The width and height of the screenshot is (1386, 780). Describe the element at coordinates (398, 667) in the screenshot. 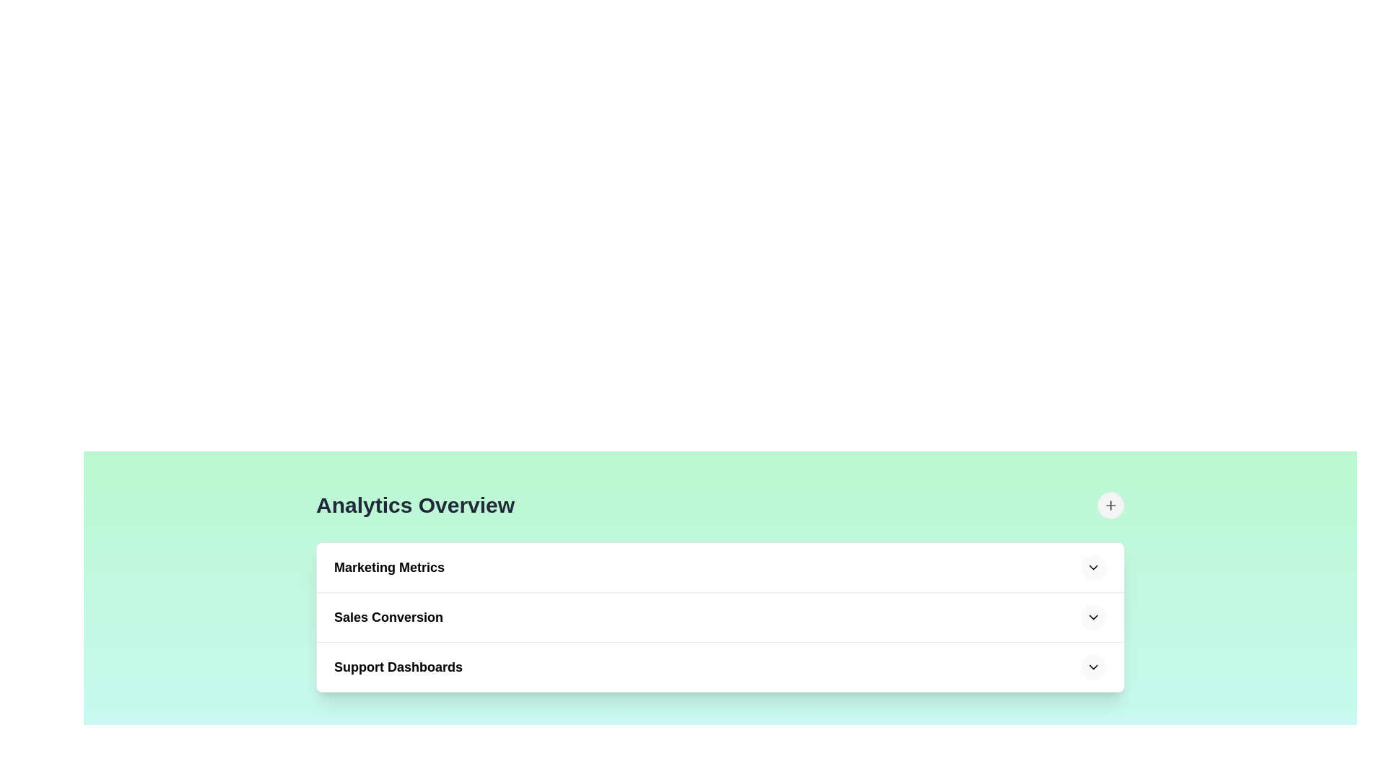

I see `the 'Support Dashboards' text label, which is the third item in the vertical list under the 'Analytics Overview' header` at that location.